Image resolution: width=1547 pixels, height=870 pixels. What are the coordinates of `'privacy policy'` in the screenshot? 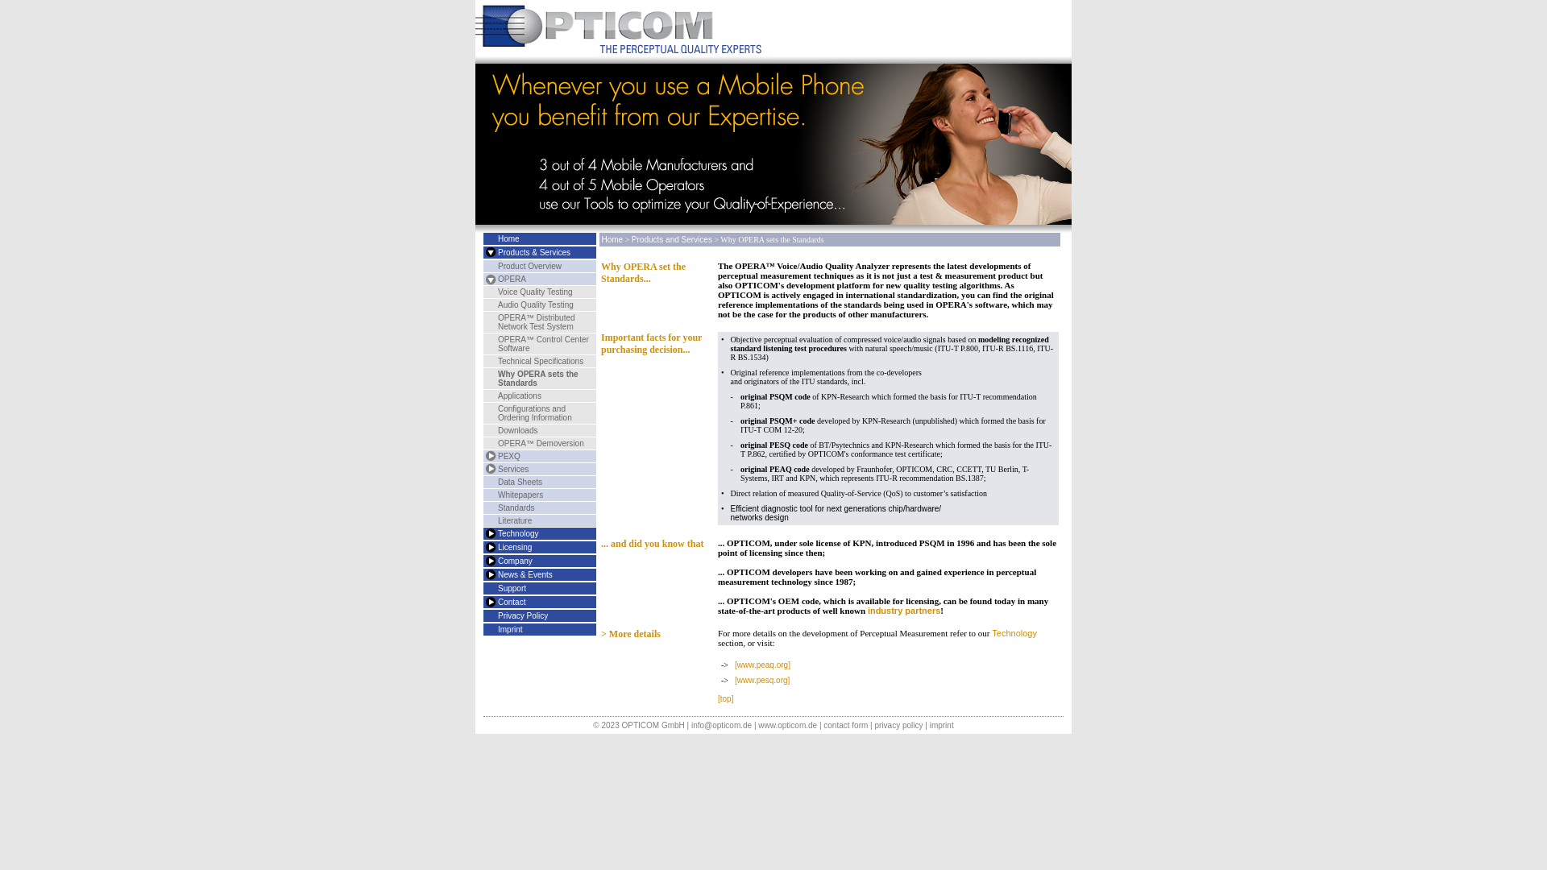 It's located at (897, 725).